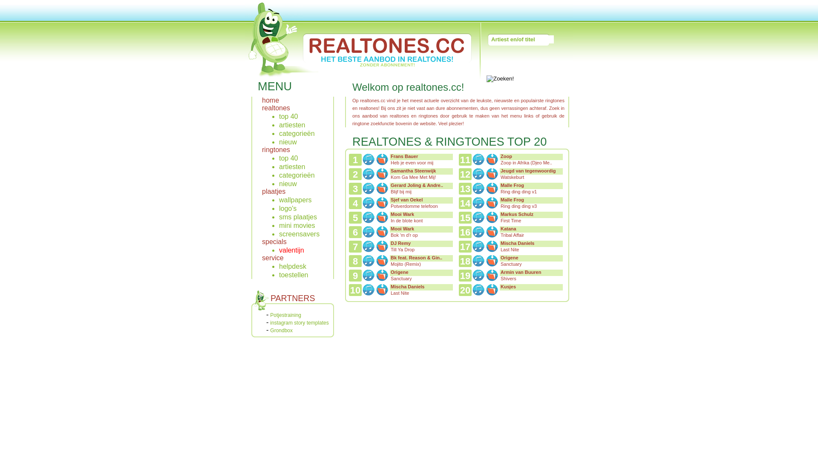 The height and width of the screenshot is (460, 818). What do you see at coordinates (292, 266) in the screenshot?
I see `'helpdesk'` at bounding box center [292, 266].